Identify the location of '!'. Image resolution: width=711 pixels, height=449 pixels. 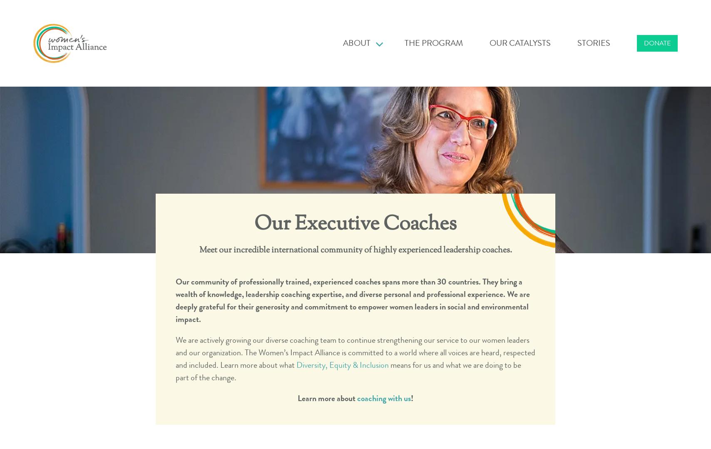
(411, 397).